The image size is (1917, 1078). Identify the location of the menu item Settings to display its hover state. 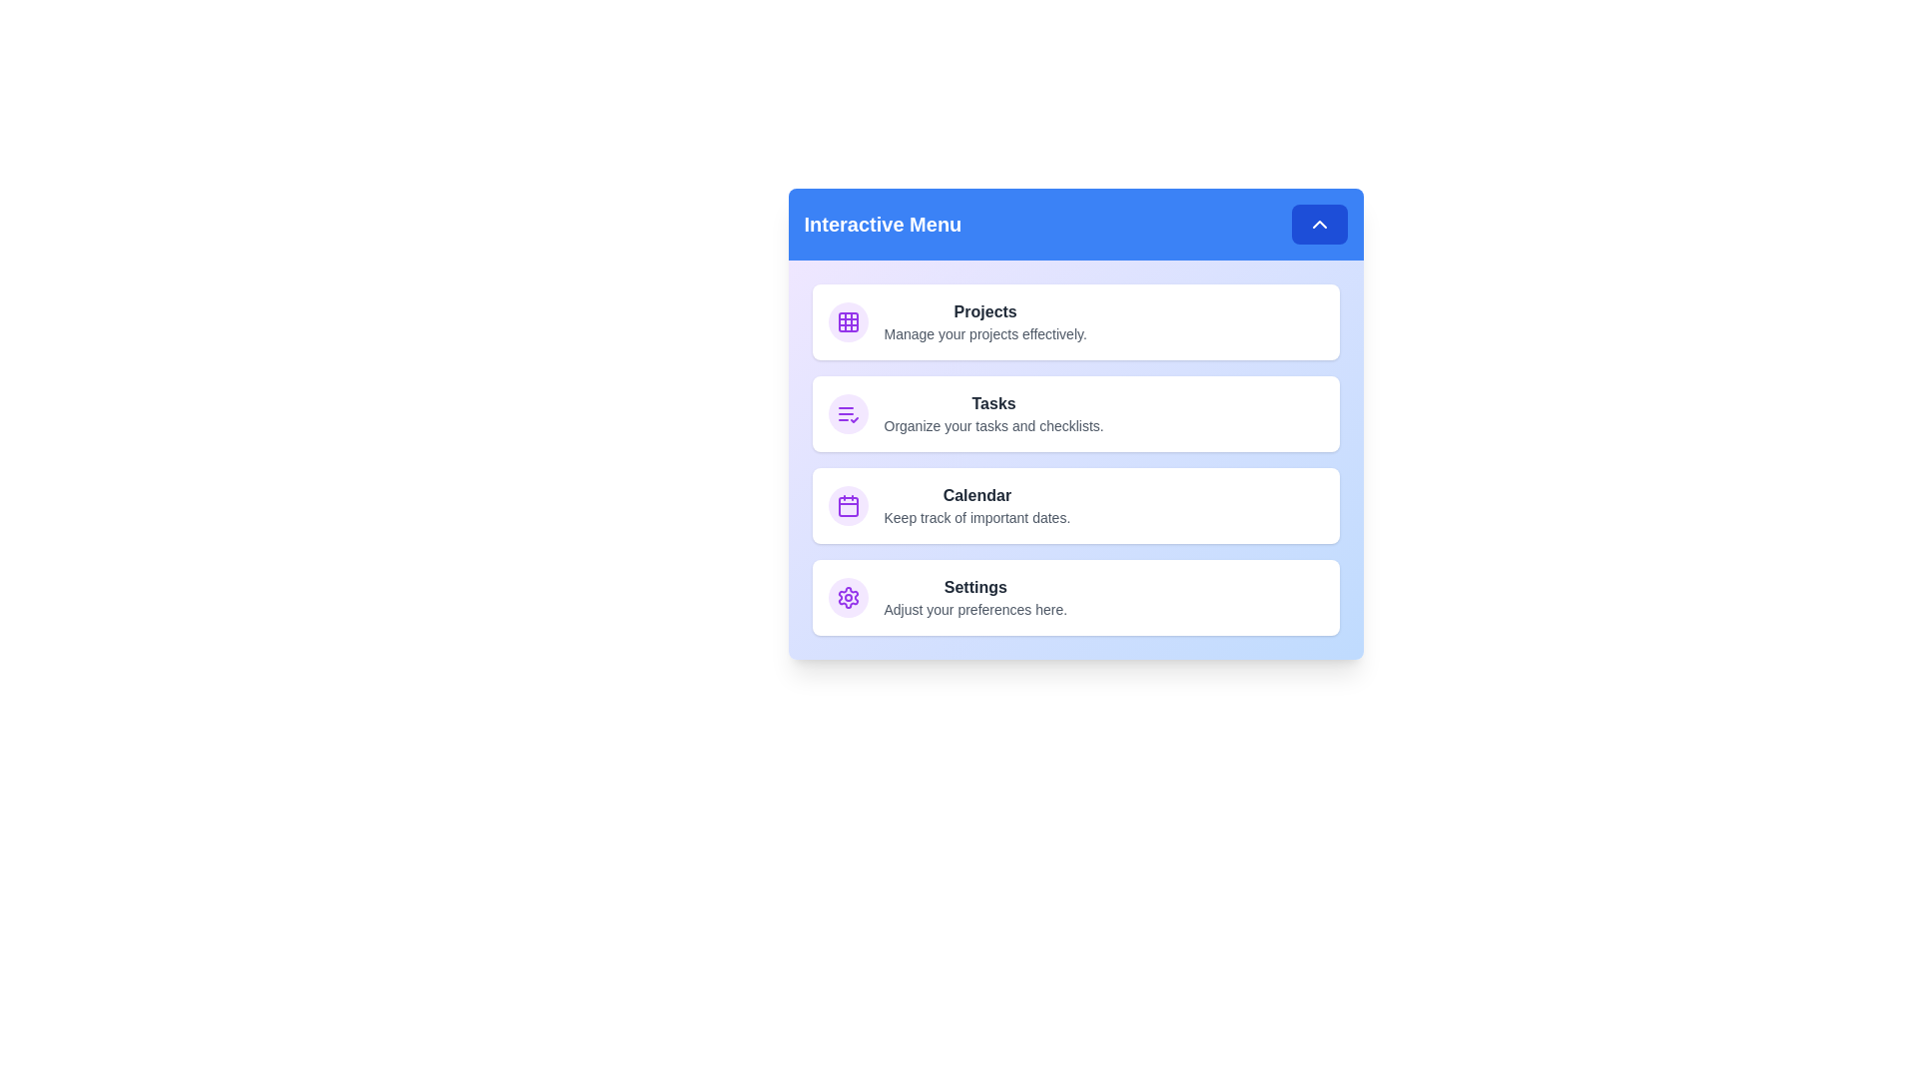
(1074, 596).